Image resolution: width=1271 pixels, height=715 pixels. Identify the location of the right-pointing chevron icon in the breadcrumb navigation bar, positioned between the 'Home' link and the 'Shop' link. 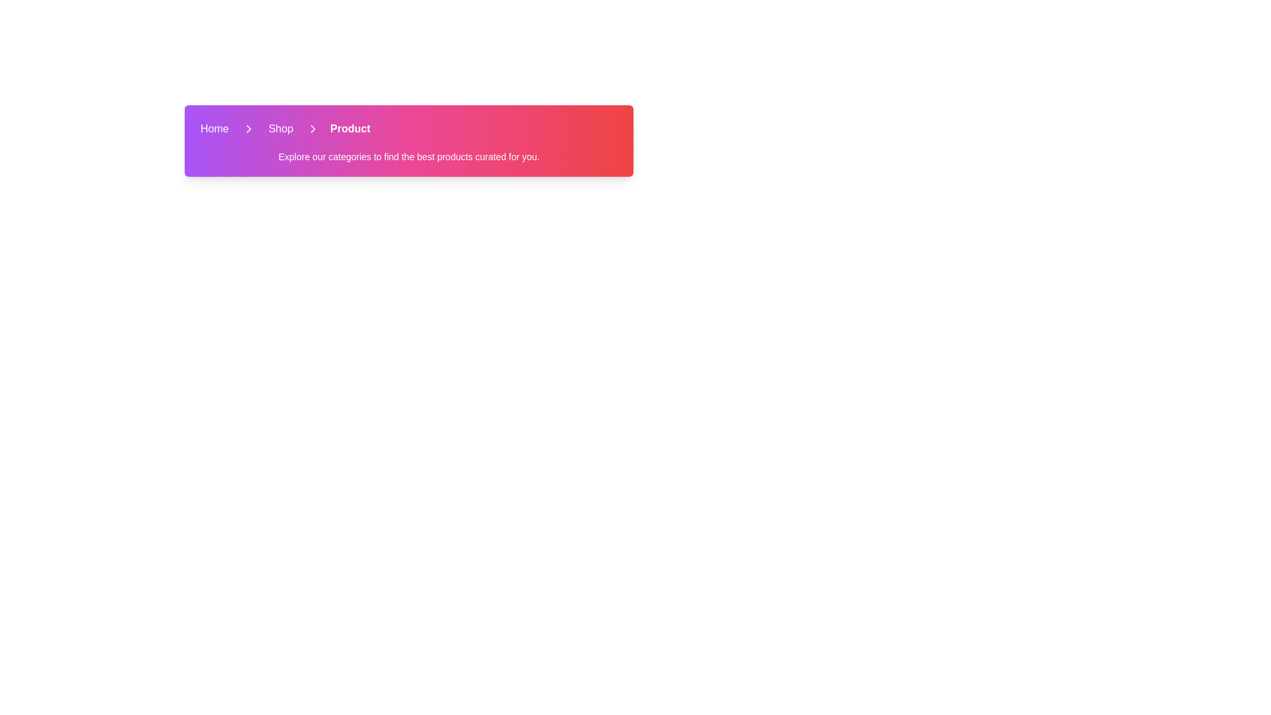
(248, 129).